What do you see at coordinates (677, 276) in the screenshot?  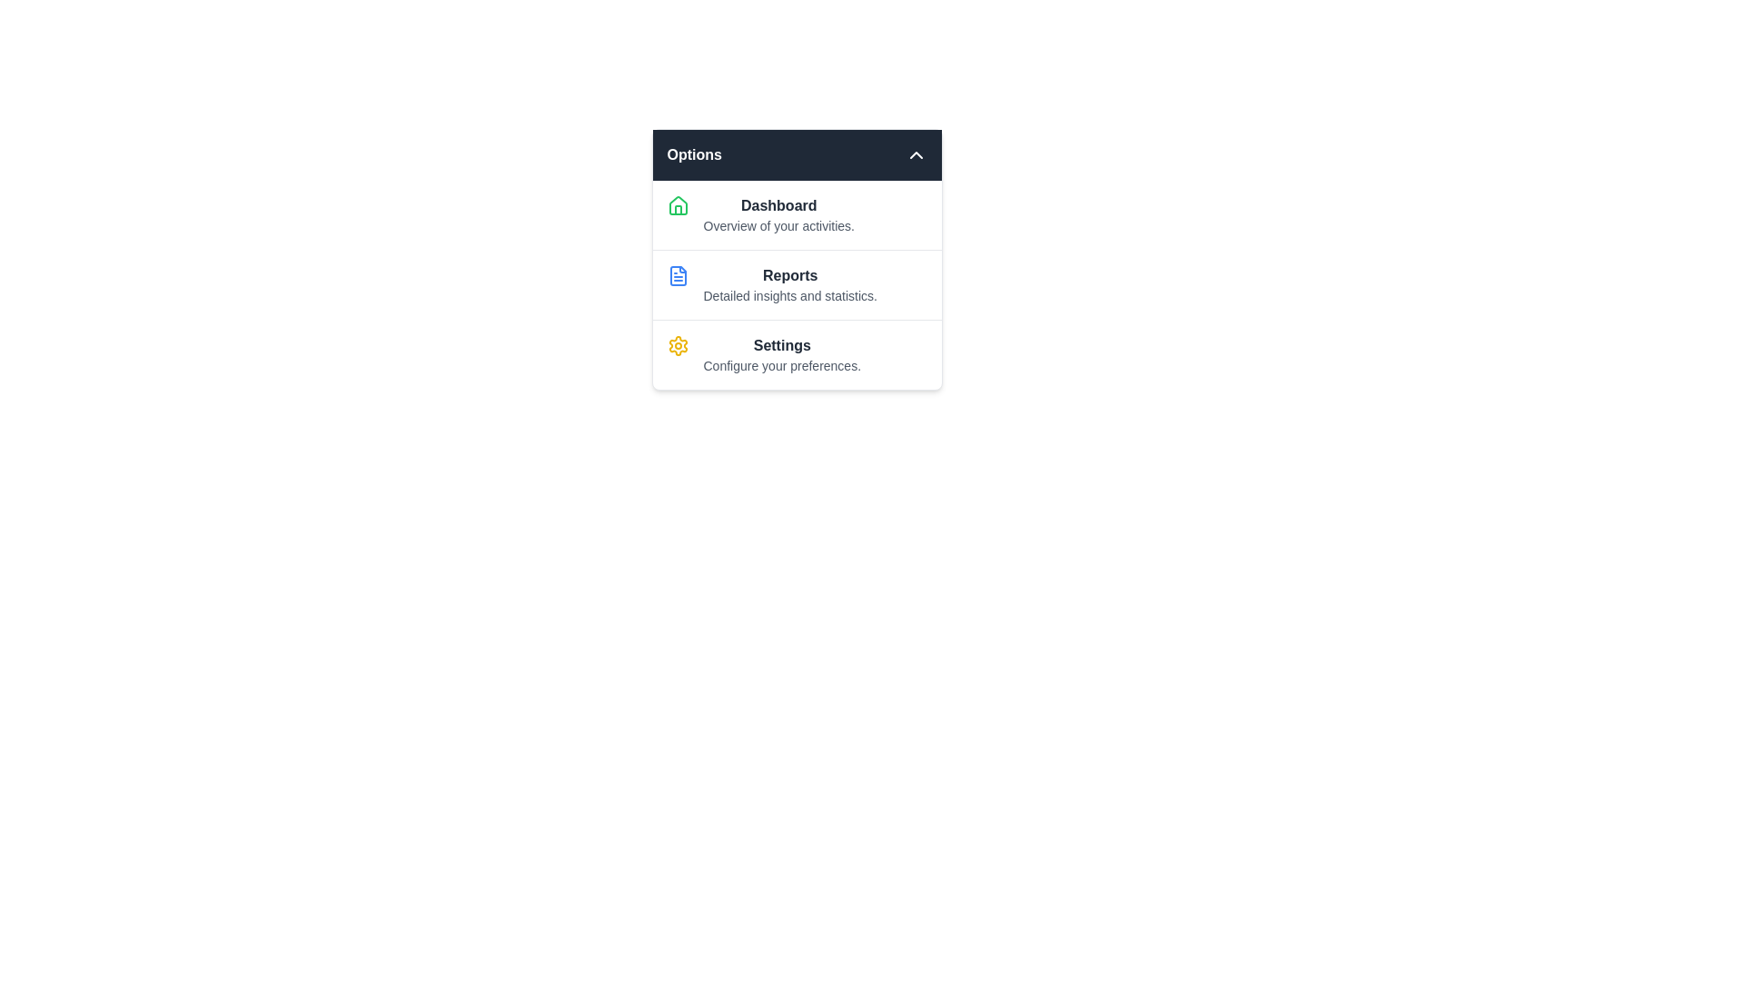 I see `the icon resembling a page or document with a blue outline, positioned to the left of the 'Reports' menu option` at bounding box center [677, 276].